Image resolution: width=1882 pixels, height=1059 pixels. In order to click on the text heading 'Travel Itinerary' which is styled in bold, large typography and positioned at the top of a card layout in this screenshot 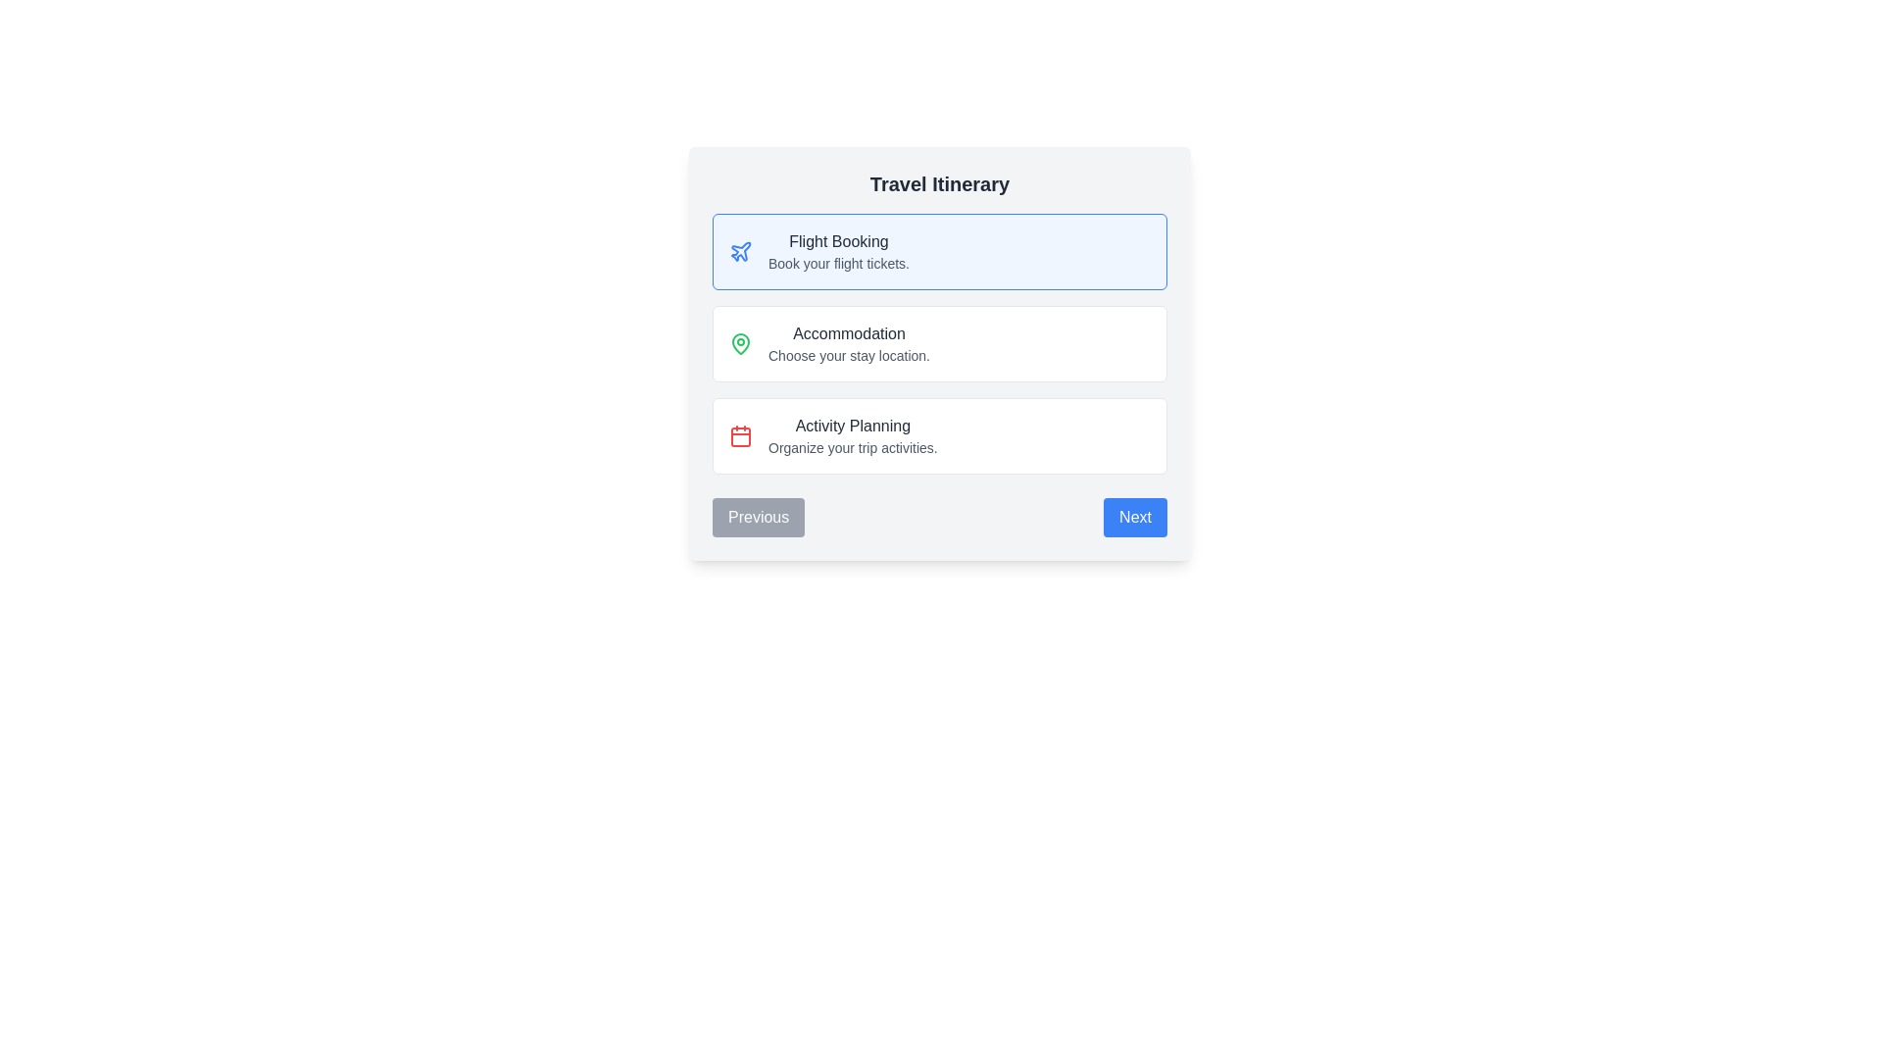, I will do `click(939, 184)`.